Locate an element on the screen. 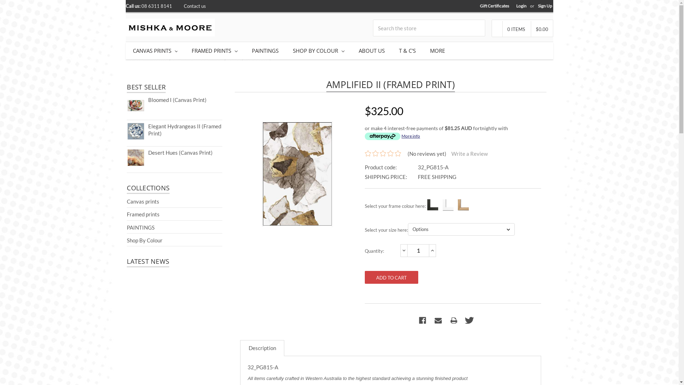 The height and width of the screenshot is (385, 684). 'FRAMED PRINTS' is located at coordinates (214, 50).